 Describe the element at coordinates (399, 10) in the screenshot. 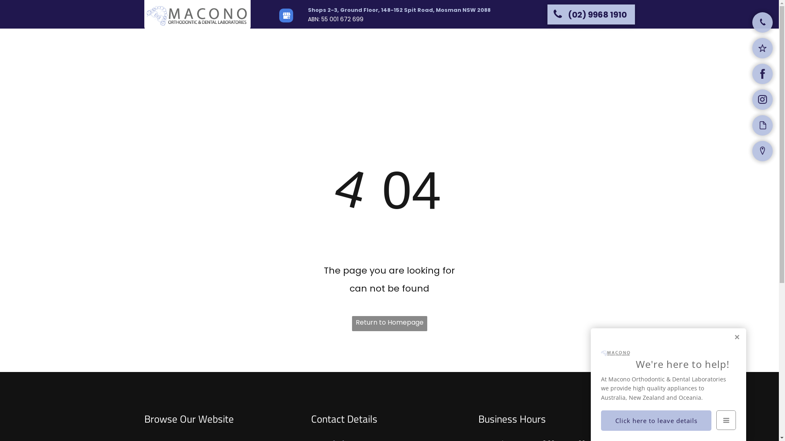

I see `'Shops 2-3, Ground Floor, 148-152 Spit Road, Mosman NSW 2088'` at that location.